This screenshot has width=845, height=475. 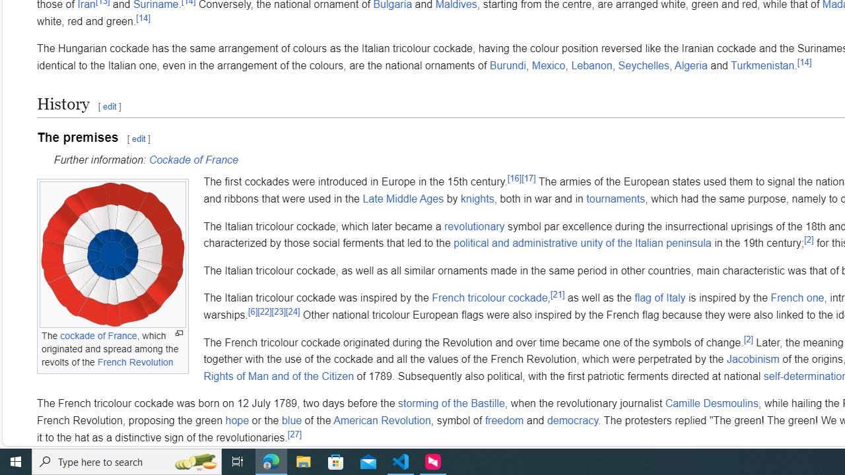 I want to click on 'cockade of France', so click(x=98, y=335).